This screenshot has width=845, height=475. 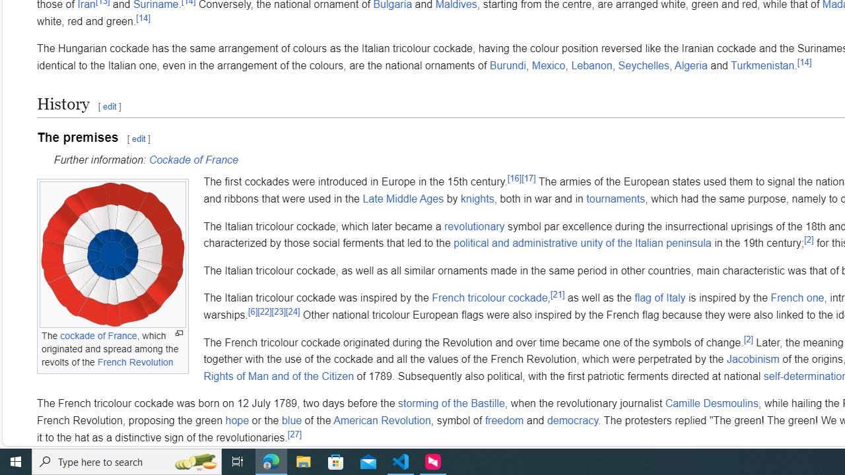 I want to click on 'cockade of France', so click(x=98, y=335).